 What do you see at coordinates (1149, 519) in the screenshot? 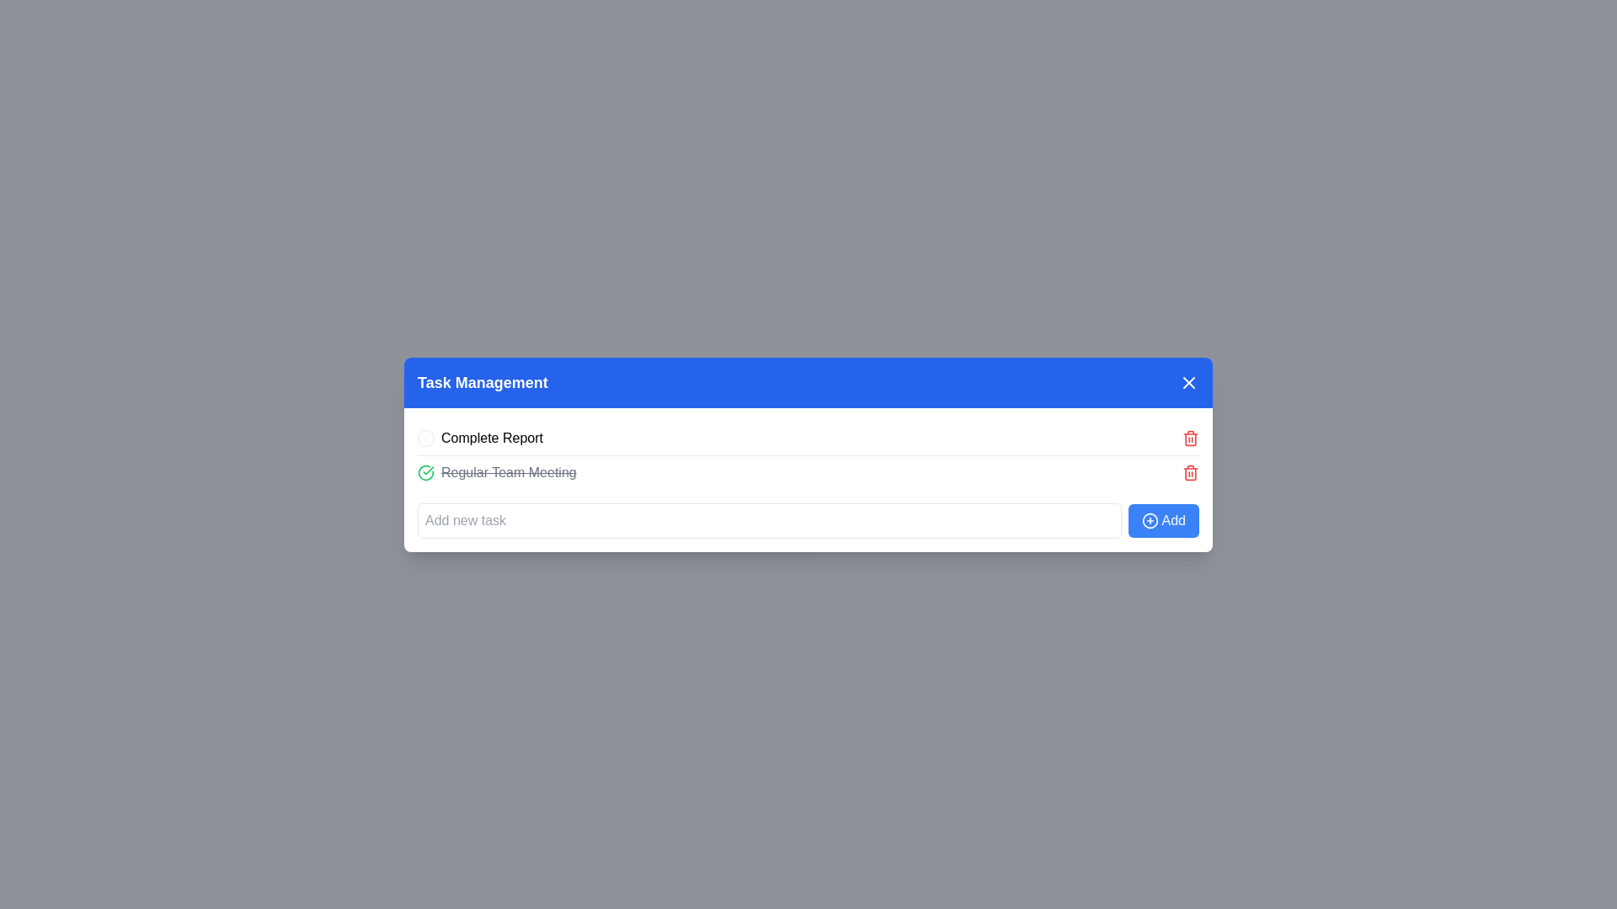
I see `visually on the circular blue icon with a plus sign (+) inside` at bounding box center [1149, 519].